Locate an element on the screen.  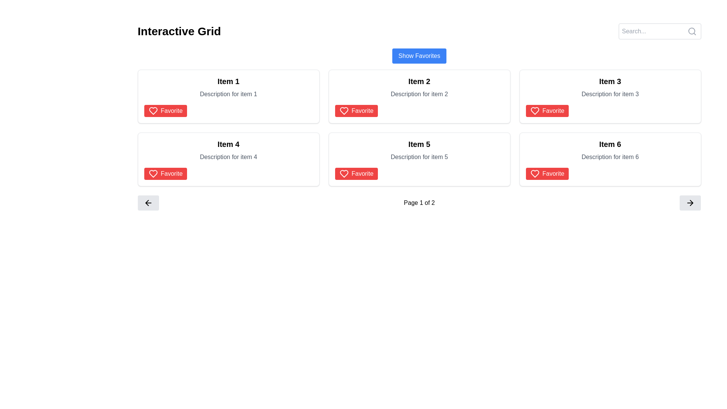
the descriptive text label for 'Item 3', which is positioned below the heading and above the 'Favorite' button in the rightmost tile of the first row is located at coordinates (610, 94).